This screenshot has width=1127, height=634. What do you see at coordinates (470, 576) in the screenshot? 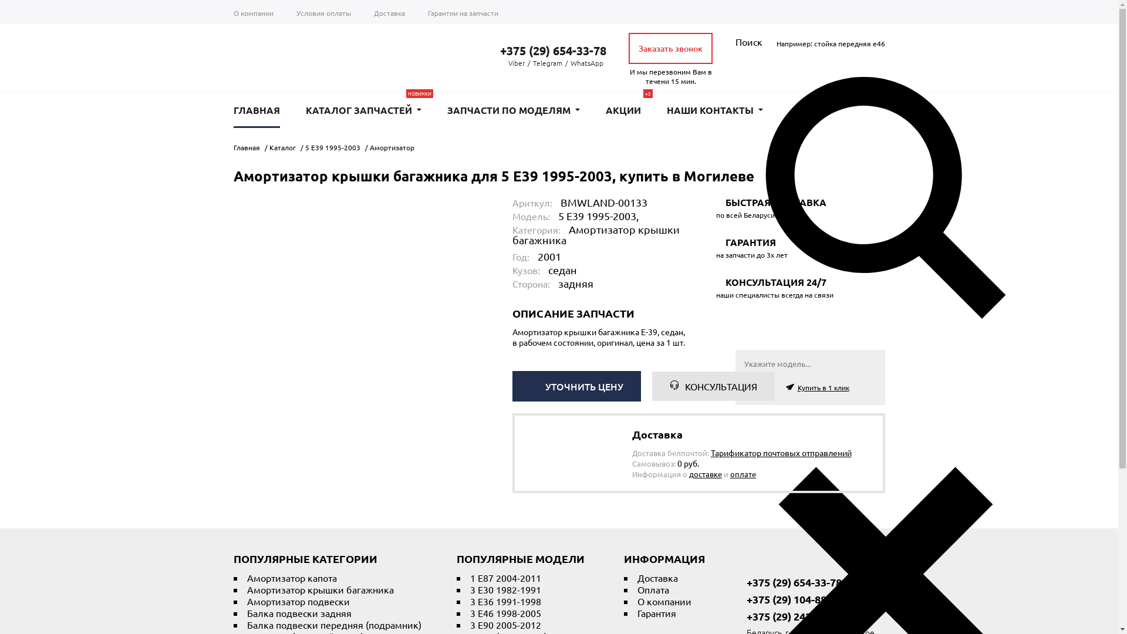
I see `'1 E87 2004-2011'` at bounding box center [470, 576].